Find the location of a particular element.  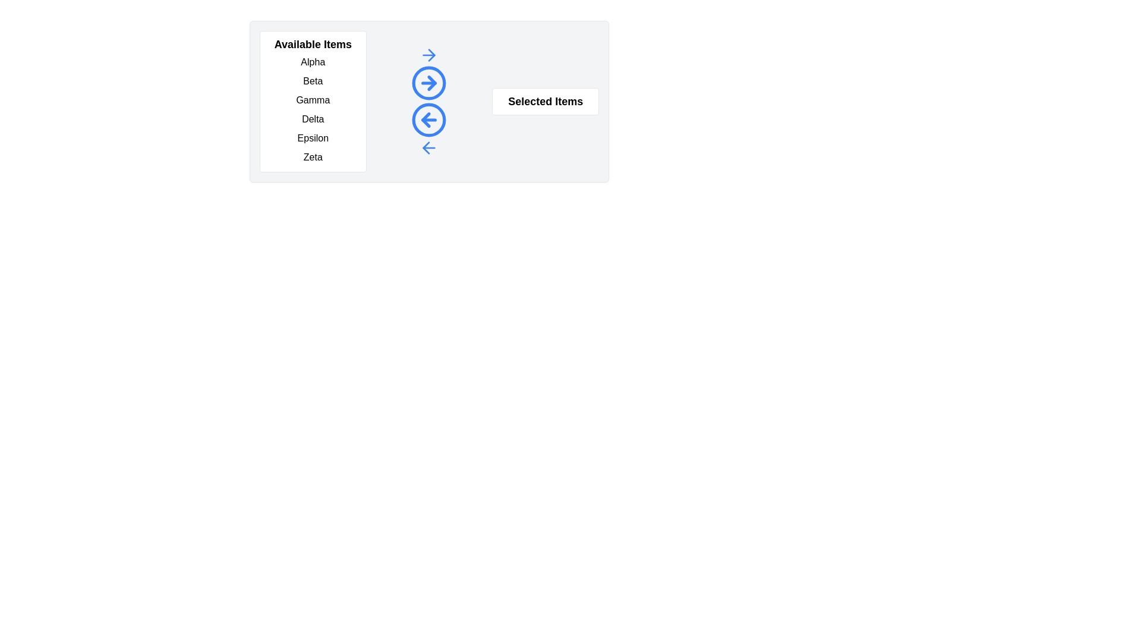

the item Alpha in the Available Items list is located at coordinates (313, 62).